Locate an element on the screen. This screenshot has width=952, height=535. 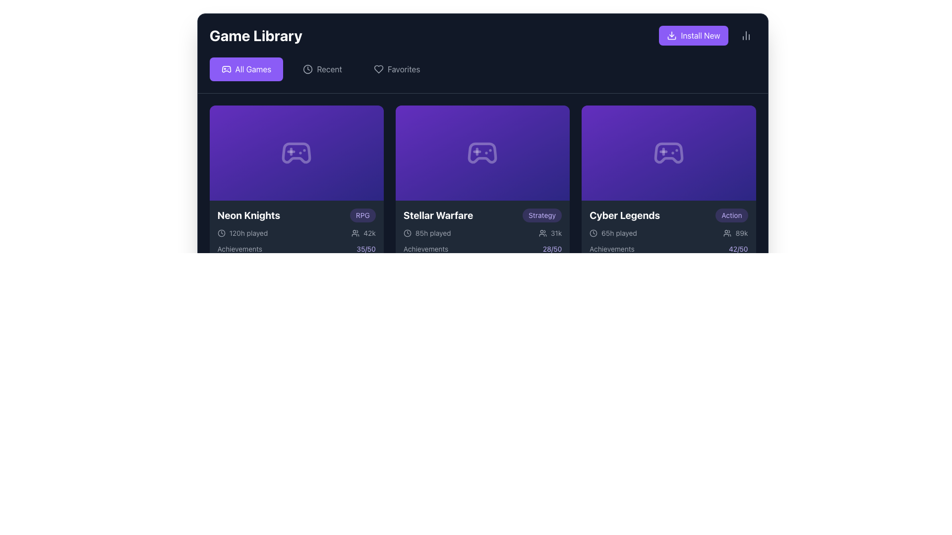
the text with icon displaying the number of users associated with the game 'Neon Knights', located in the bottom section of the first card in the game entries grid, to the far right of '120h played' is located at coordinates (363, 233).